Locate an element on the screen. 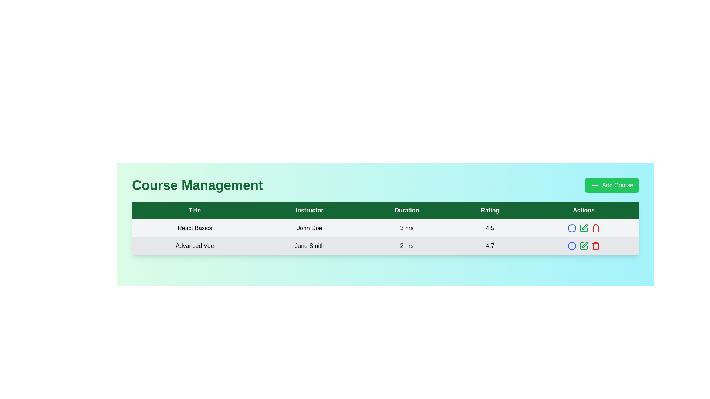 Image resolution: width=710 pixels, height=399 pixels. the vibrant green 'Add Course' button located in the top-right corner of the interface is located at coordinates (612, 185).